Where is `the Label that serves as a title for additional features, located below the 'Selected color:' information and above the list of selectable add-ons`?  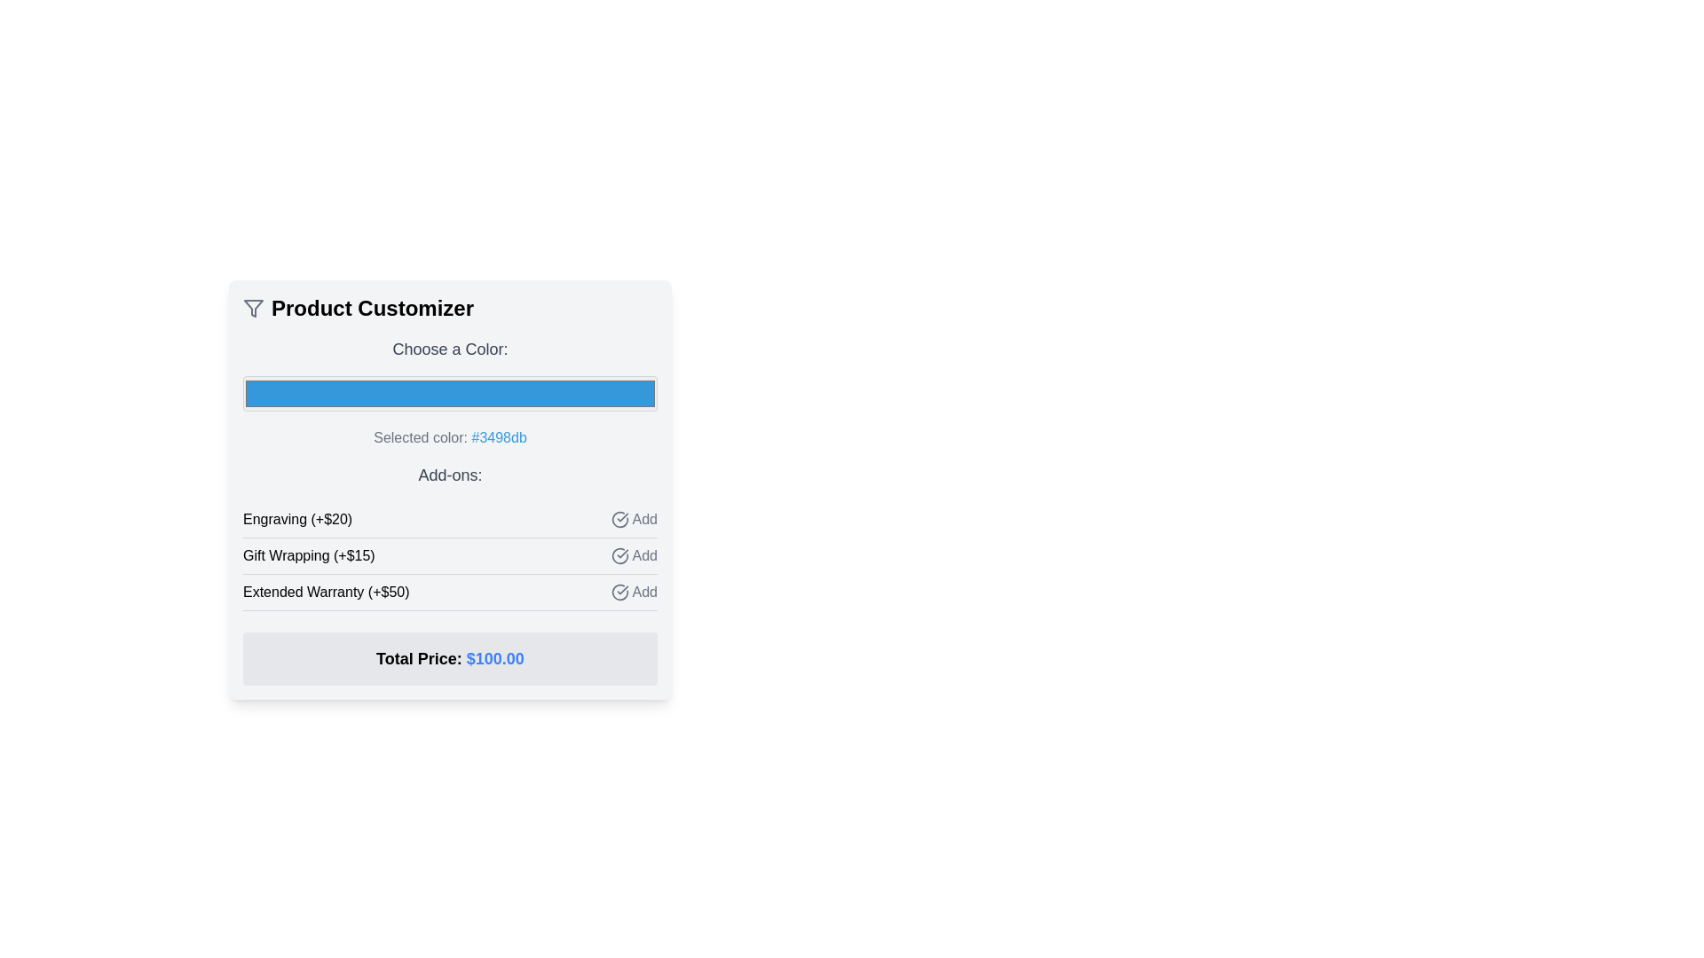 the Label that serves as a title for additional features, located below the 'Selected color:' information and above the list of selectable add-ons is located at coordinates (450, 475).